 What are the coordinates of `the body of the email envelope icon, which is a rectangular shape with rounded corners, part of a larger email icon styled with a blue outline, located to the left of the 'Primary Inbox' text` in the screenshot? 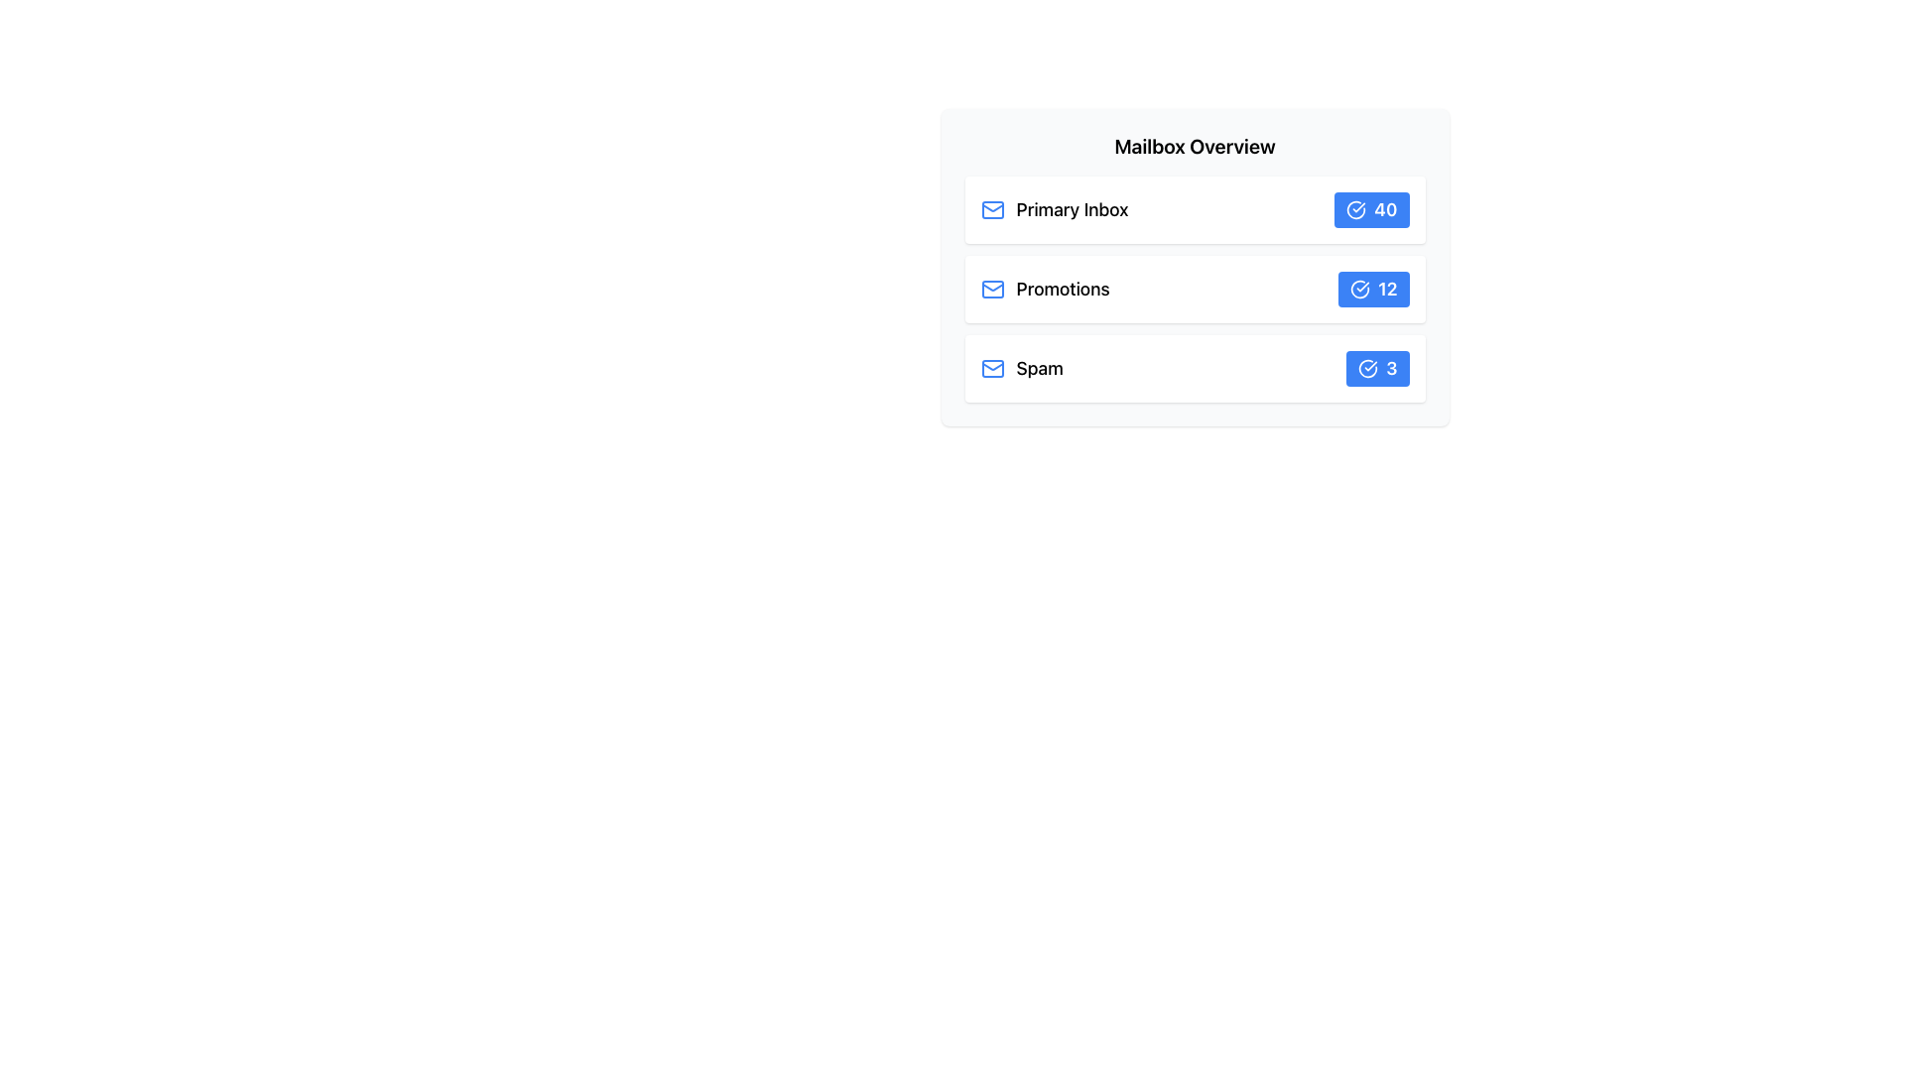 It's located at (992, 290).